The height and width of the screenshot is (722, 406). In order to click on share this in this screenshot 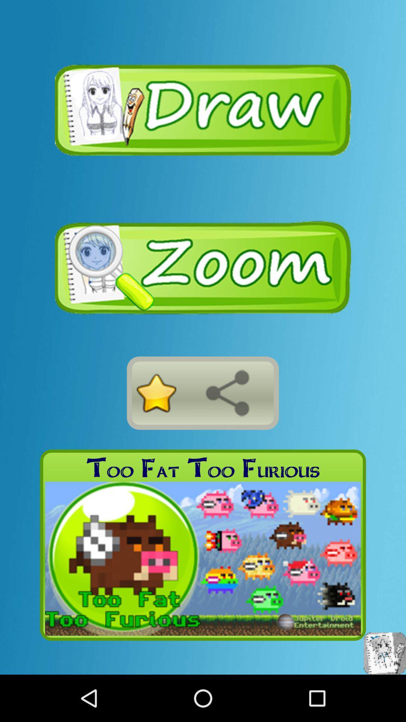, I will do `click(227, 393)`.